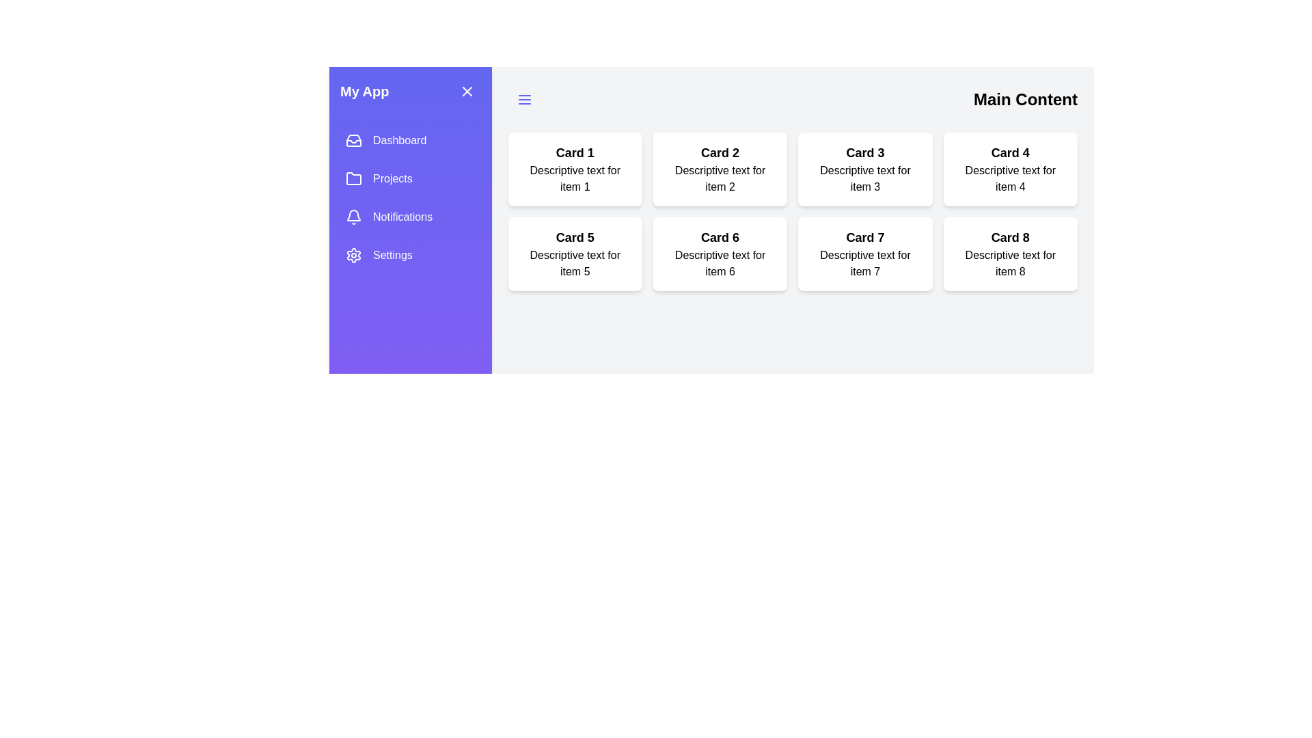 The height and width of the screenshot is (738, 1312). Describe the element at coordinates (409, 216) in the screenshot. I see `the sidebar menu item Notifications` at that location.